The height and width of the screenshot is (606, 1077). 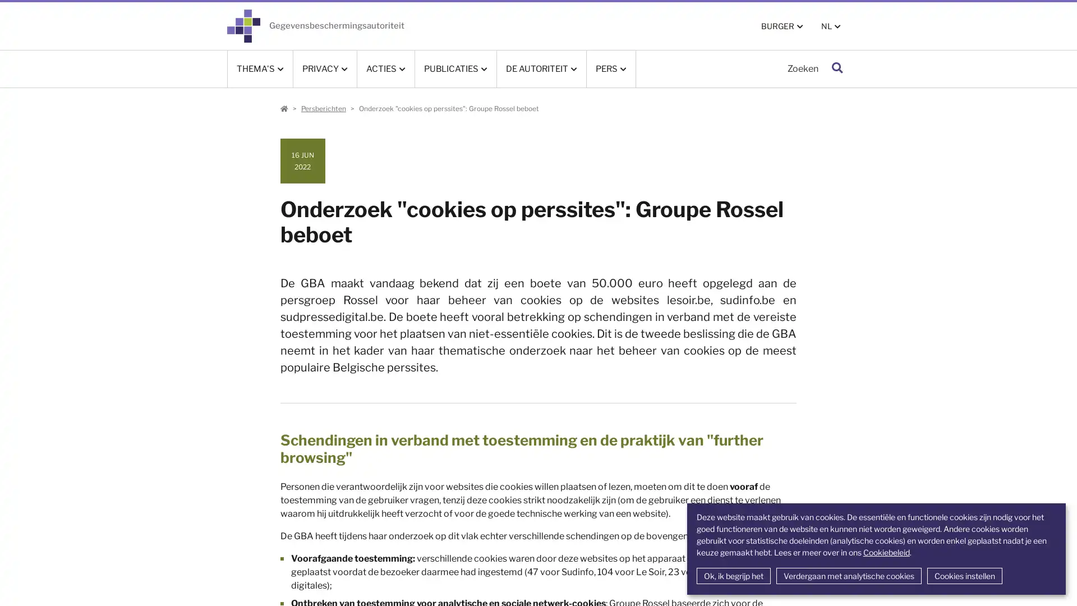 What do you see at coordinates (733, 576) in the screenshot?
I see `Ok, ik begrijp het` at bounding box center [733, 576].